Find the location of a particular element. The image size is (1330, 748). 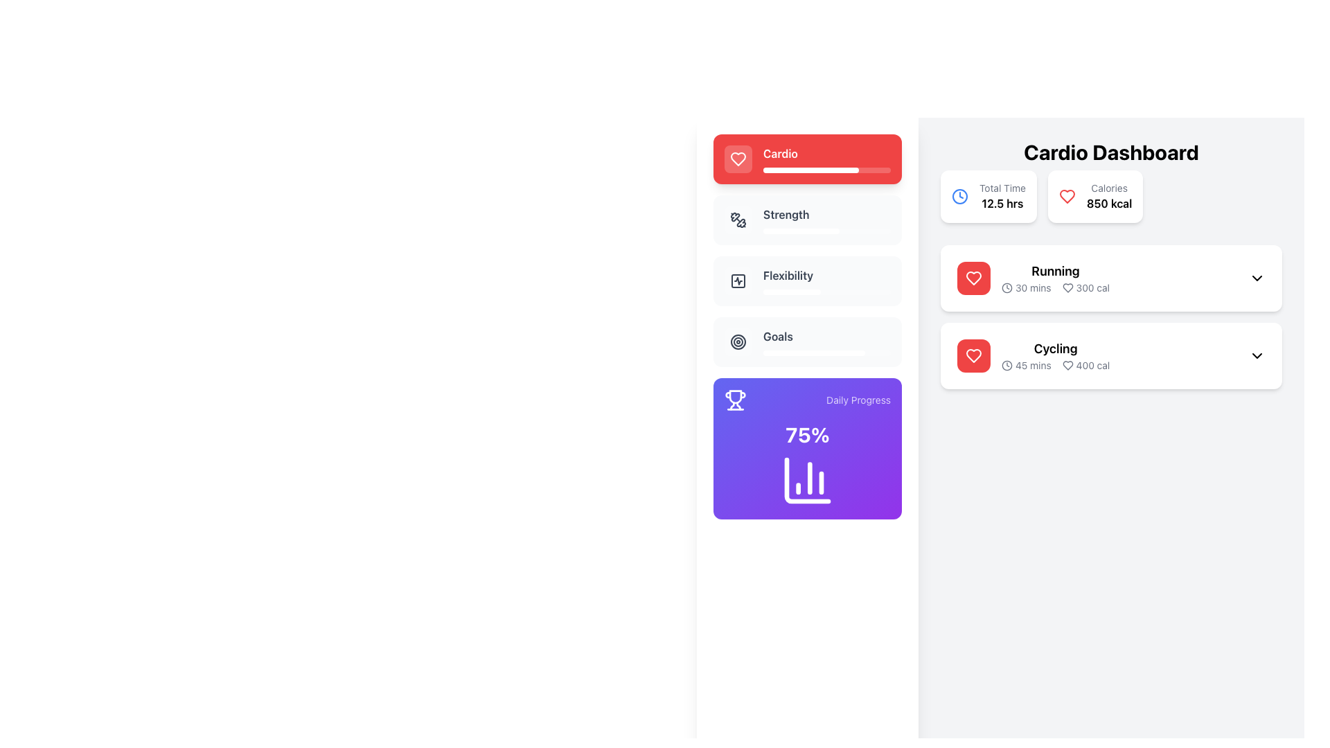

text '45 mins' next to the clock icon located beneath the 'Cycling' label in the second card of the 'Cardio Dashboard' section is located at coordinates (1026, 365).